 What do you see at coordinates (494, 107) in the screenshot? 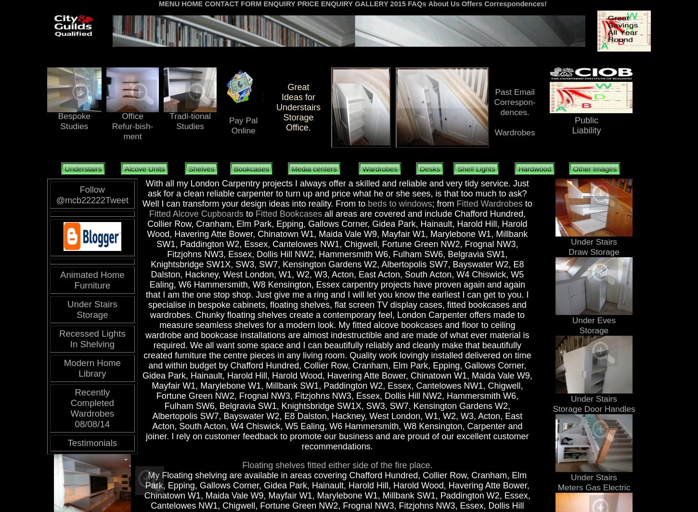
I see `'Correspon-dences.'` at bounding box center [494, 107].